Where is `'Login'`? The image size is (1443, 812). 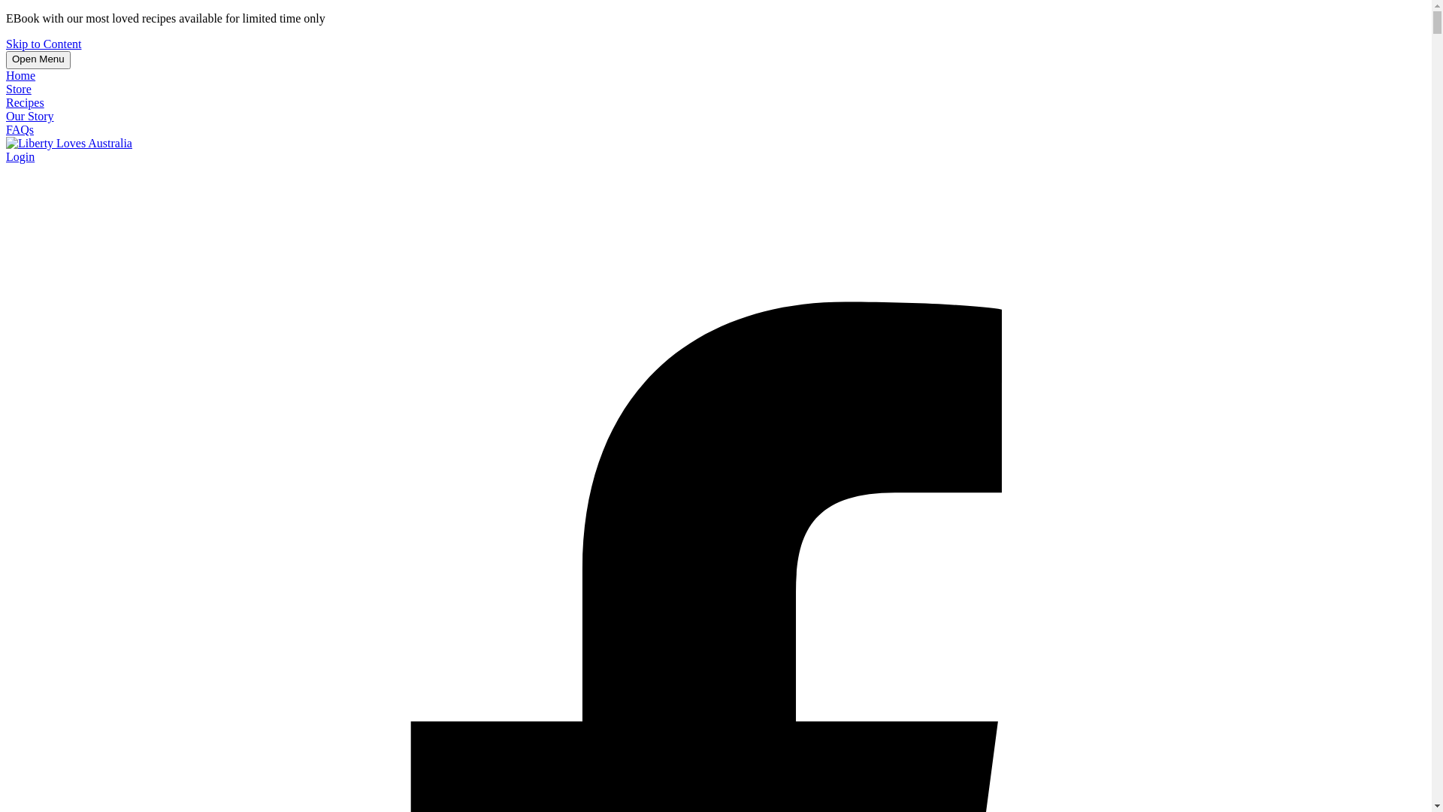
'Login' is located at coordinates (6, 156).